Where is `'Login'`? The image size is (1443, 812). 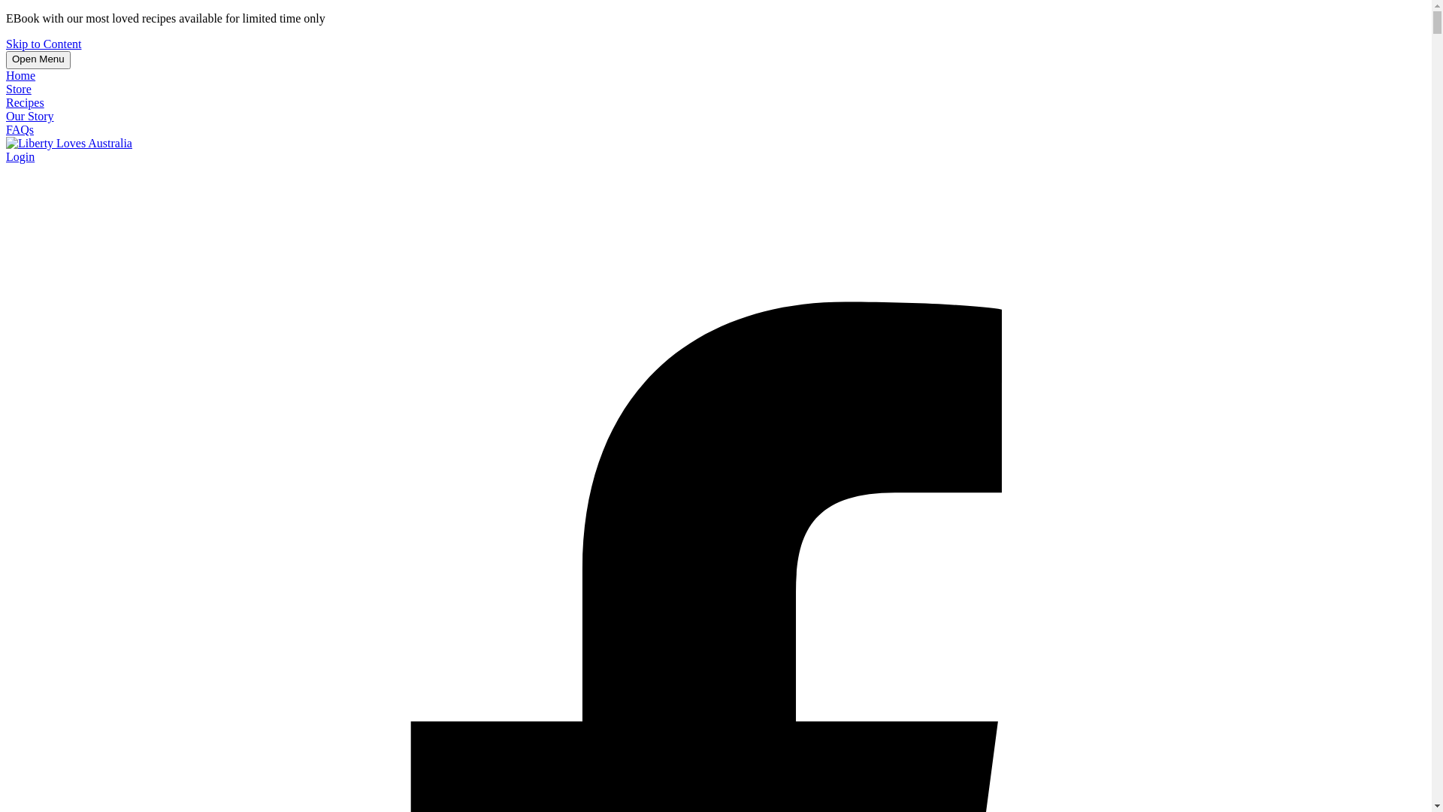
'Login' is located at coordinates (6, 156).